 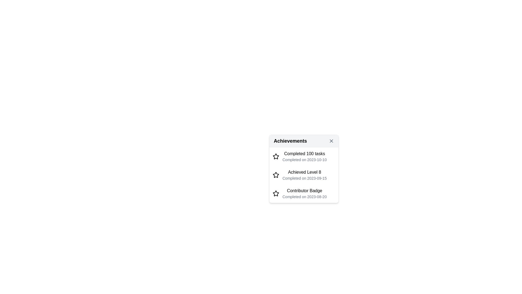 What do you see at coordinates (304, 193) in the screenshot?
I see `the Information panel labeled 'Contributor Badge', which displays 'Completed on 2023-08-20' in a smaller, gray font` at bounding box center [304, 193].